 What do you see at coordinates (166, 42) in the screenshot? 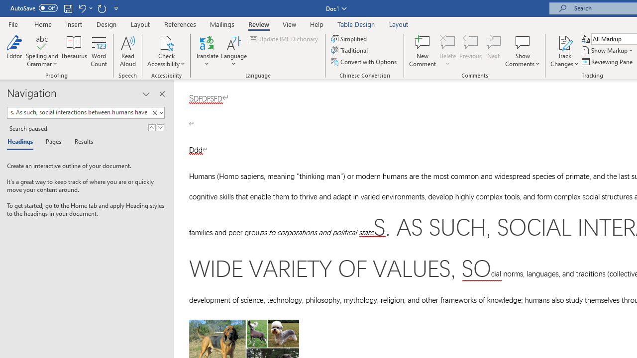
I see `'Check Accessibility'` at bounding box center [166, 42].